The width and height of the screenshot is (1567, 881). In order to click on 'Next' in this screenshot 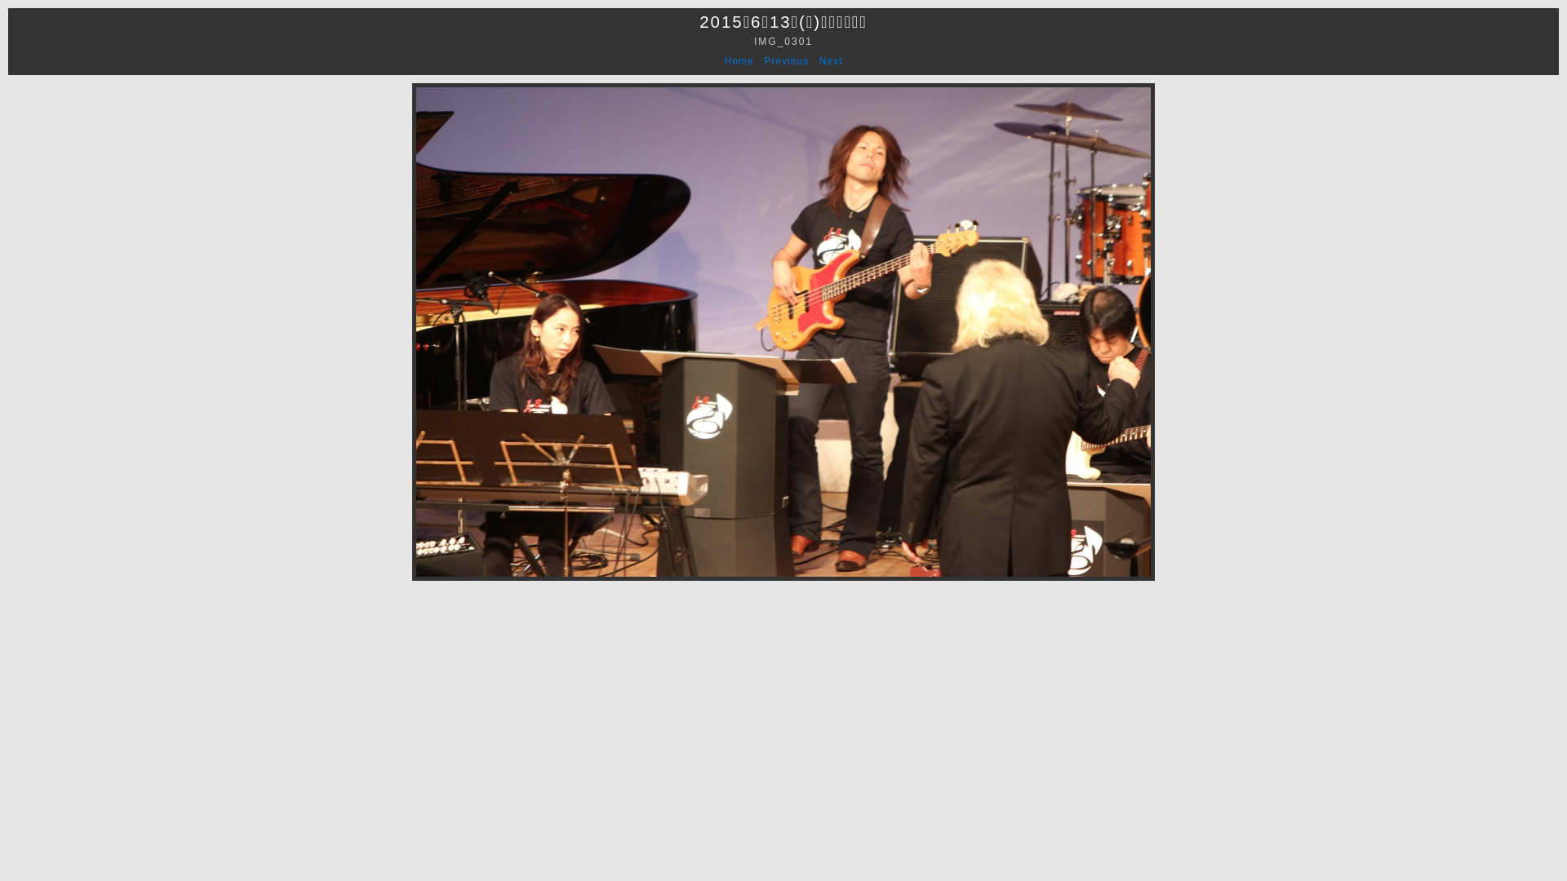, I will do `click(831, 60)`.